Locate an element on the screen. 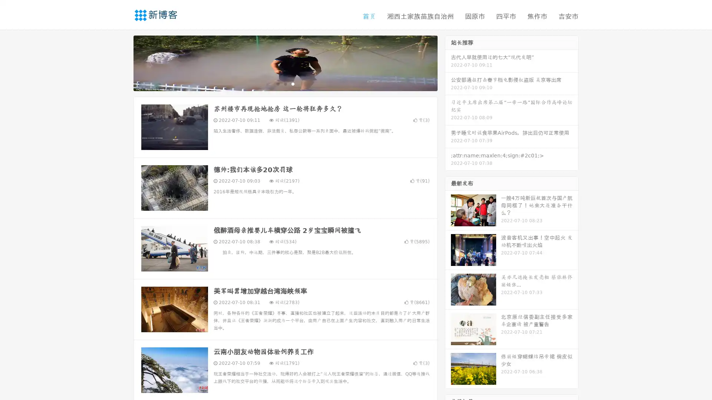 The height and width of the screenshot is (400, 712). Go to slide 2 is located at coordinates (285, 83).